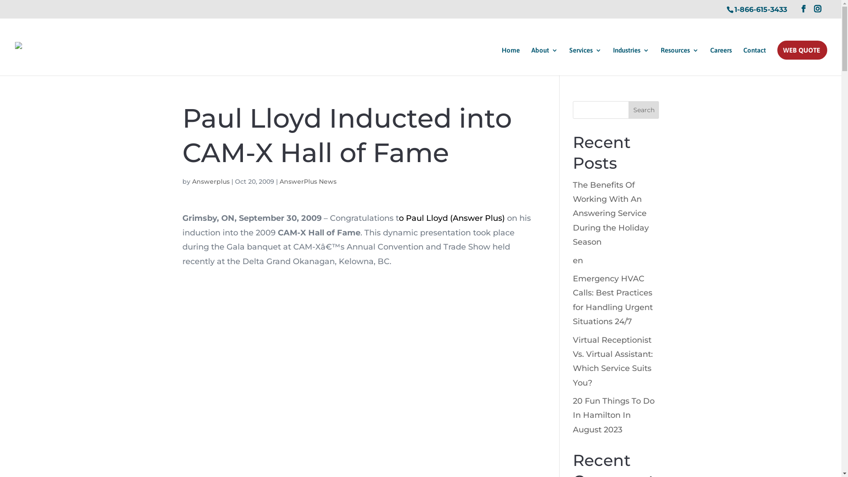 Image resolution: width=848 pixels, height=477 pixels. What do you see at coordinates (502, 61) in the screenshot?
I see `'Home'` at bounding box center [502, 61].